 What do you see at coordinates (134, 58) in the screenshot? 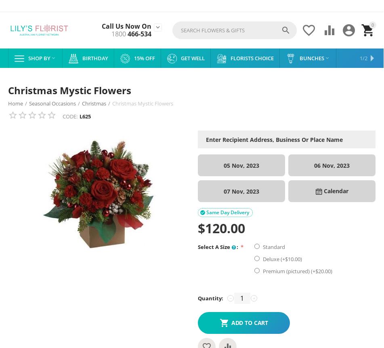
I see `'15% Off'` at bounding box center [134, 58].